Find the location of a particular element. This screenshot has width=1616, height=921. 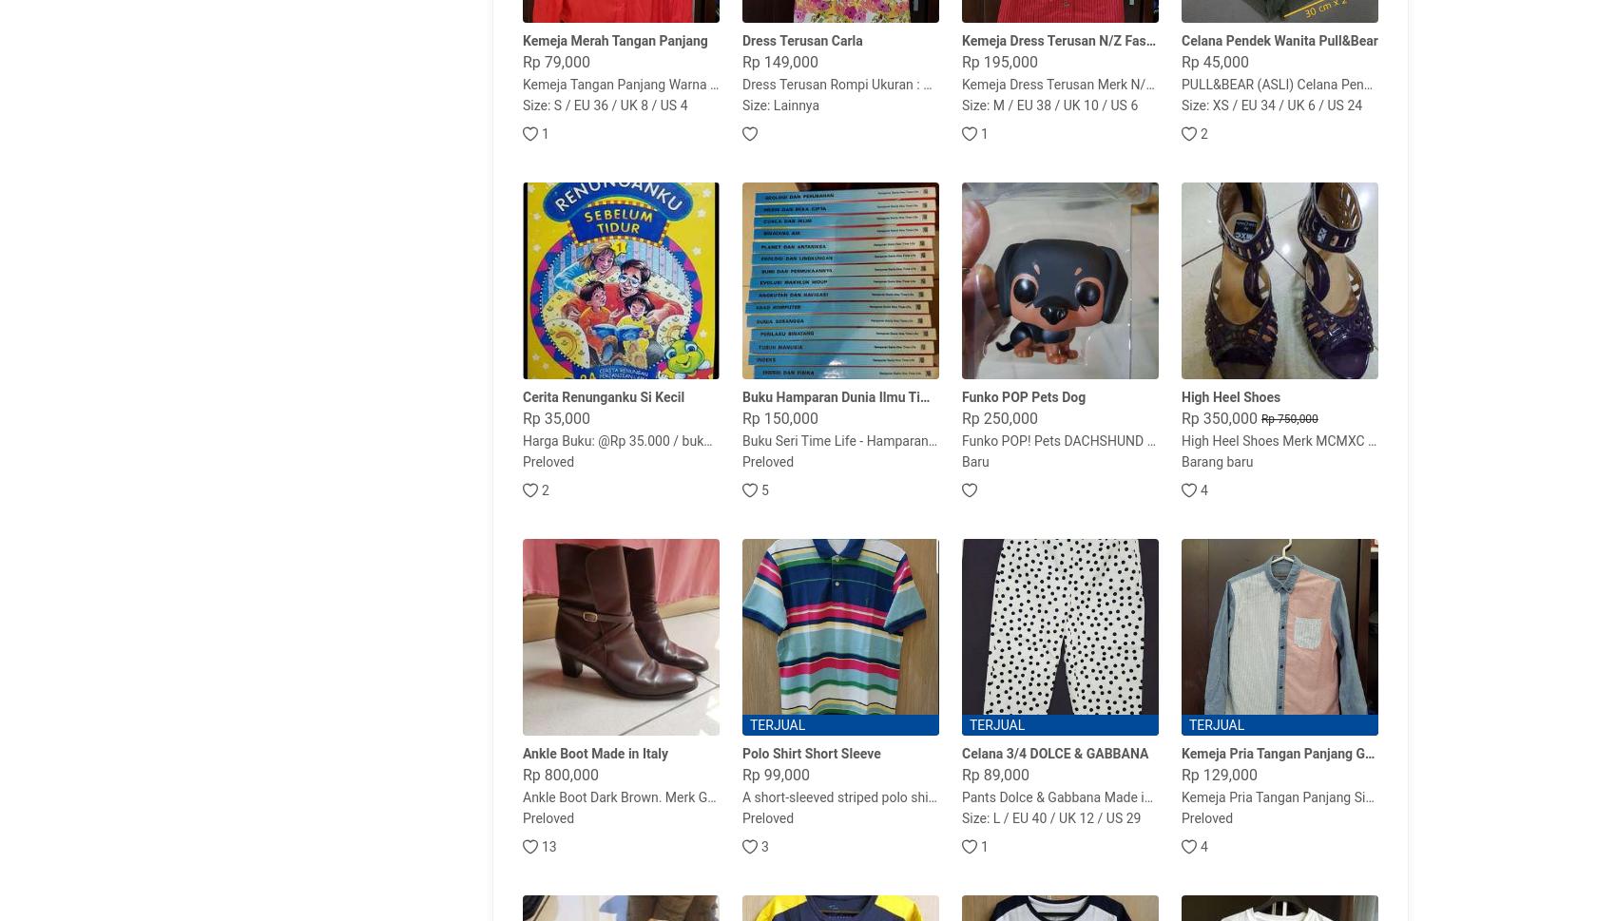

'Rp 195,000' is located at coordinates (998, 61).